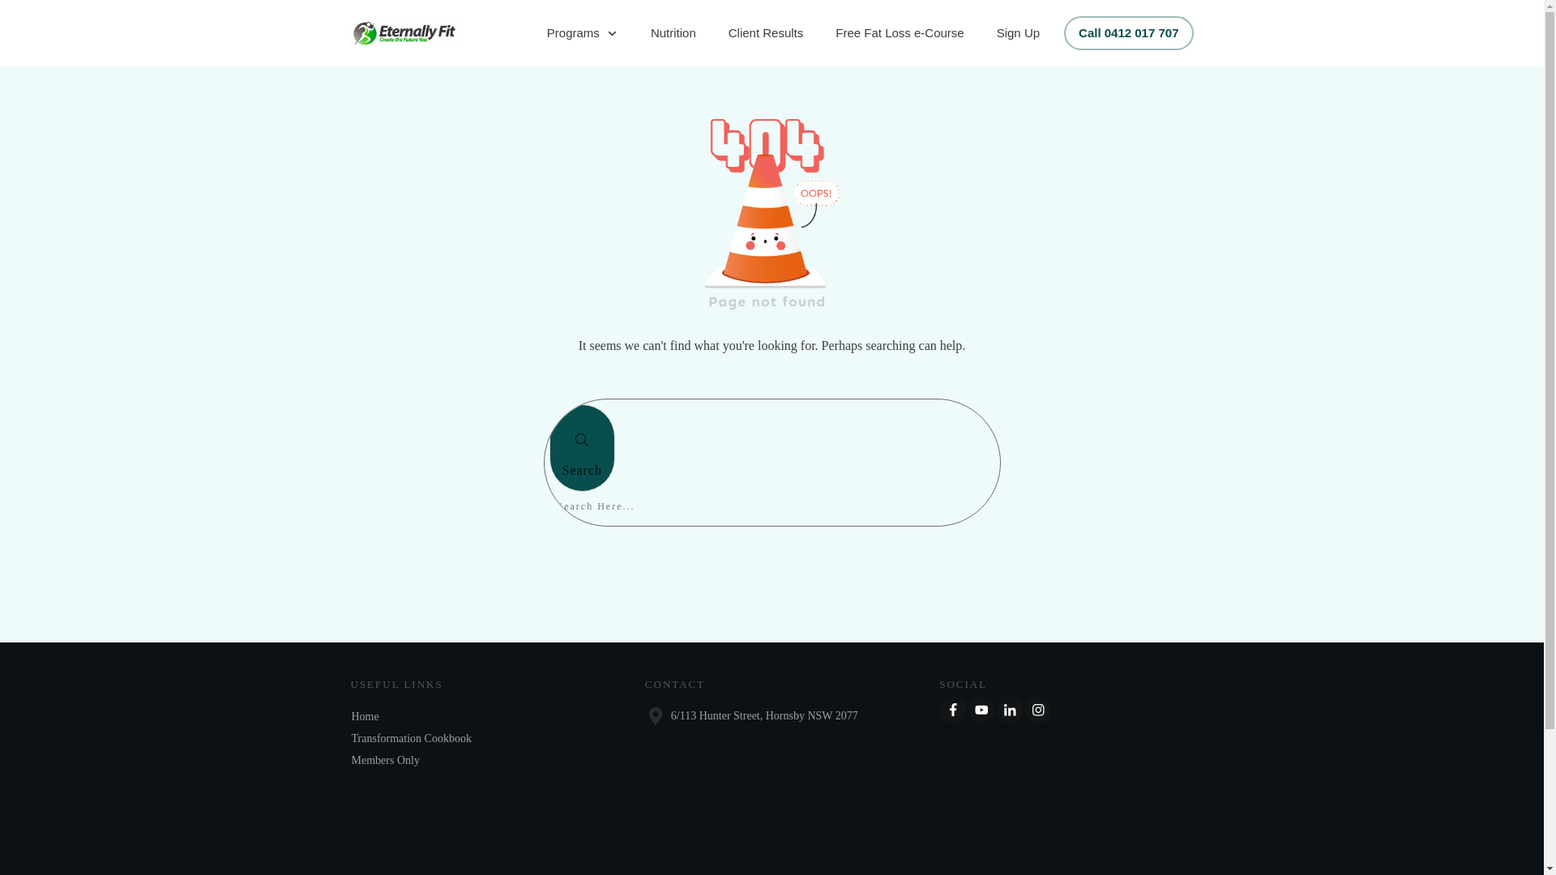 This screenshot has width=1556, height=875. I want to click on 'Sign Up', so click(1017, 33).